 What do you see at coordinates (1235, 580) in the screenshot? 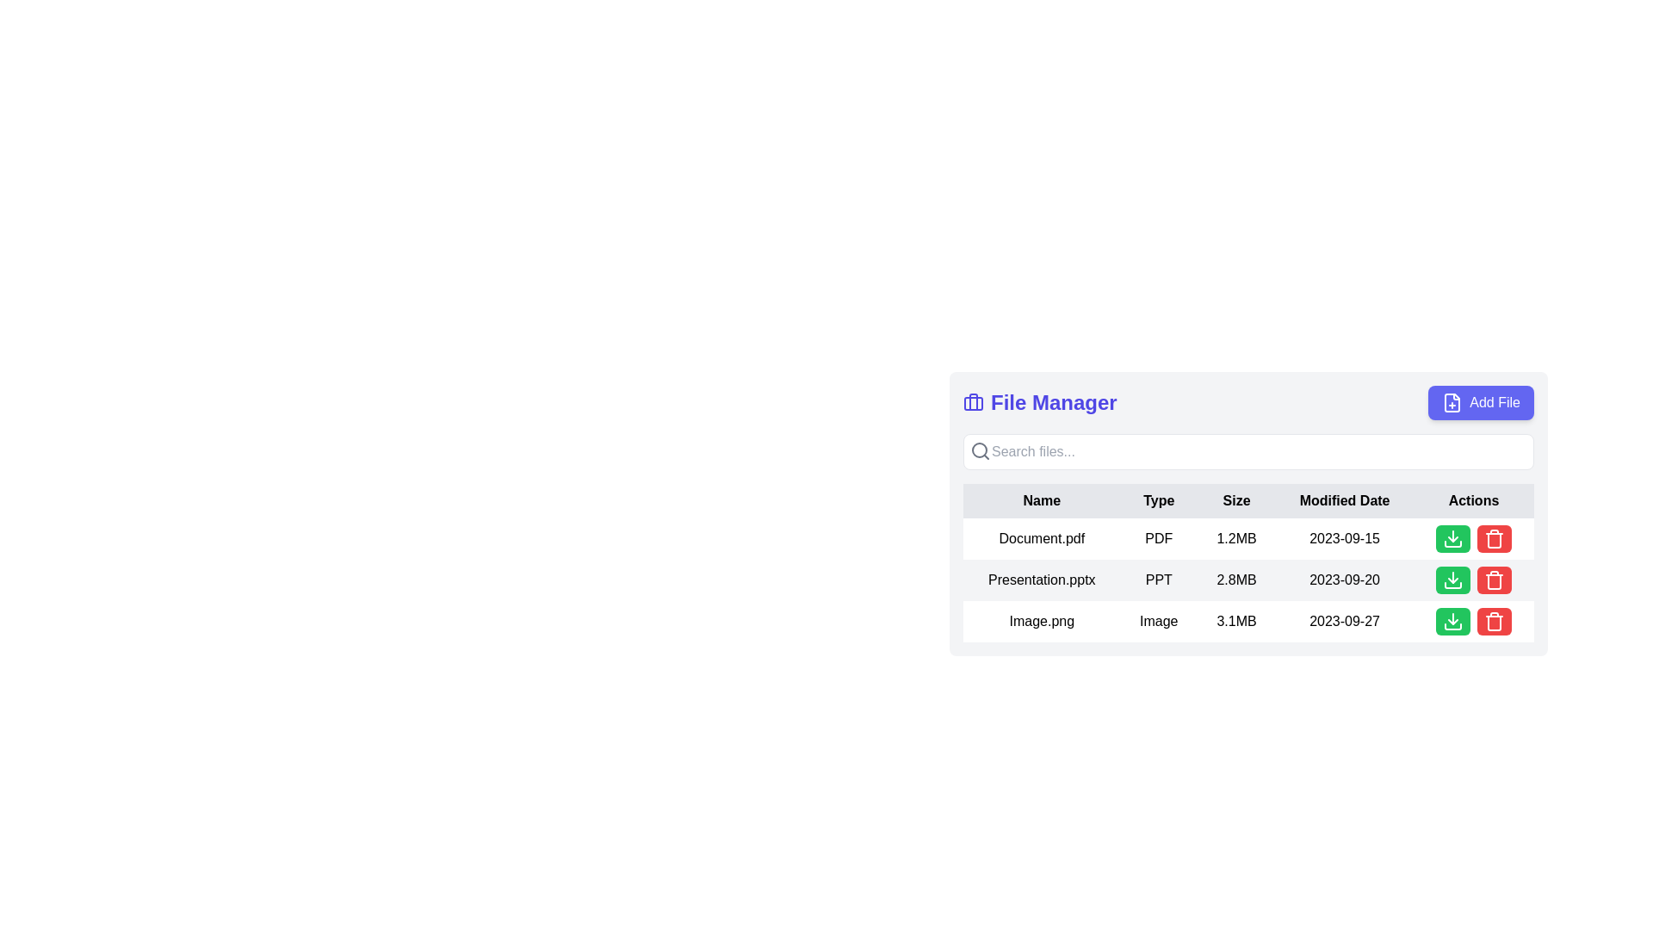
I see `the Text label displaying the size of the file 'Presentation.pptx' in the file manager table` at bounding box center [1235, 580].